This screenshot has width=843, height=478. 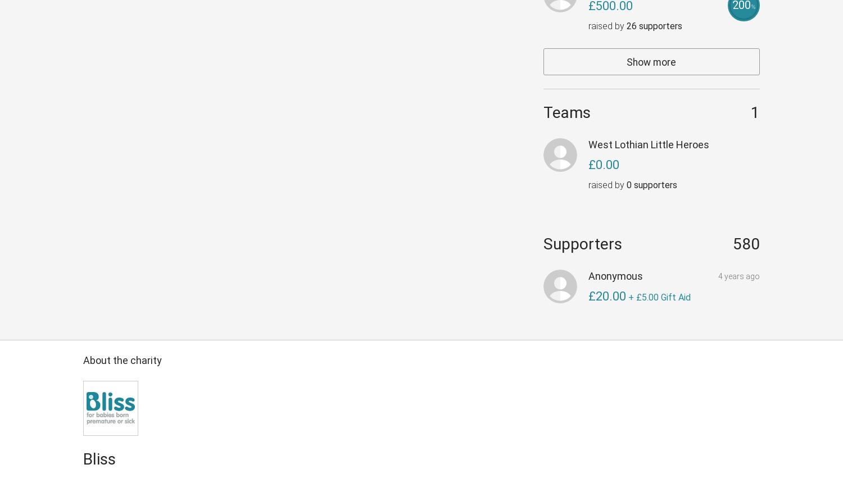 What do you see at coordinates (750, 112) in the screenshot?
I see `'1'` at bounding box center [750, 112].